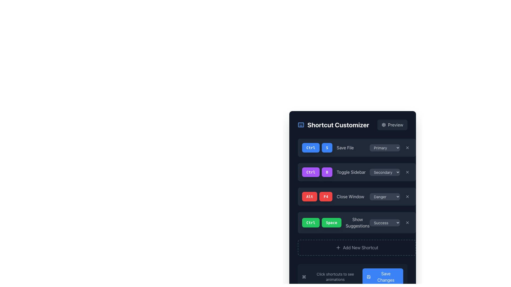 The height and width of the screenshot is (287, 511). I want to click on the text snippet displaying 'Save File' in gray color, located to the right of the blue button labeled 'S', so click(345, 147).